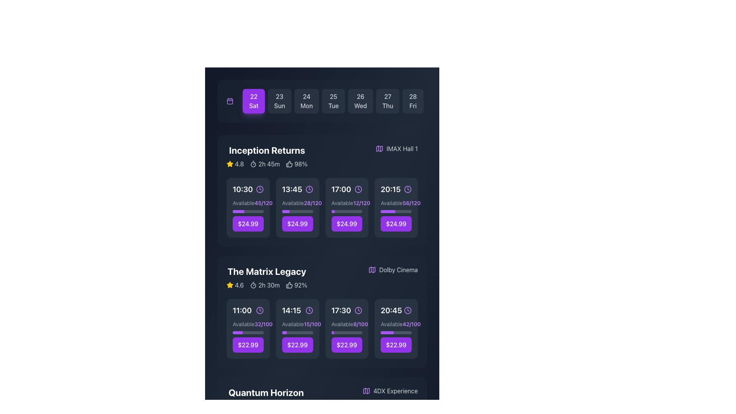 This screenshot has width=736, height=414. I want to click on the button displaying '24' in bold white numerals and 'Mon' below it, located centrally in the second row of date buttons, so click(307, 100).